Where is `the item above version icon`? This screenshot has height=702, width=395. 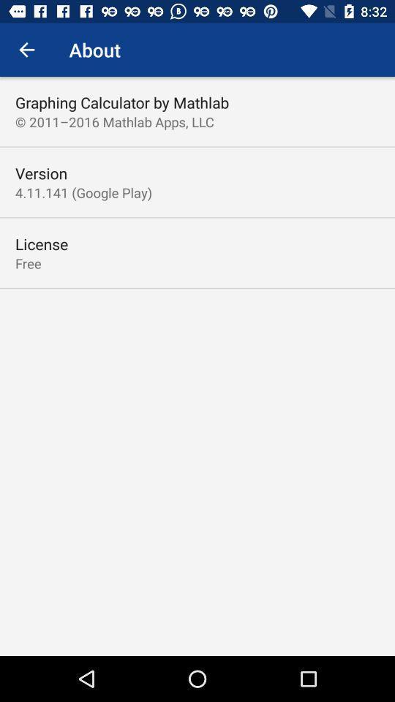 the item above version icon is located at coordinates (113, 121).